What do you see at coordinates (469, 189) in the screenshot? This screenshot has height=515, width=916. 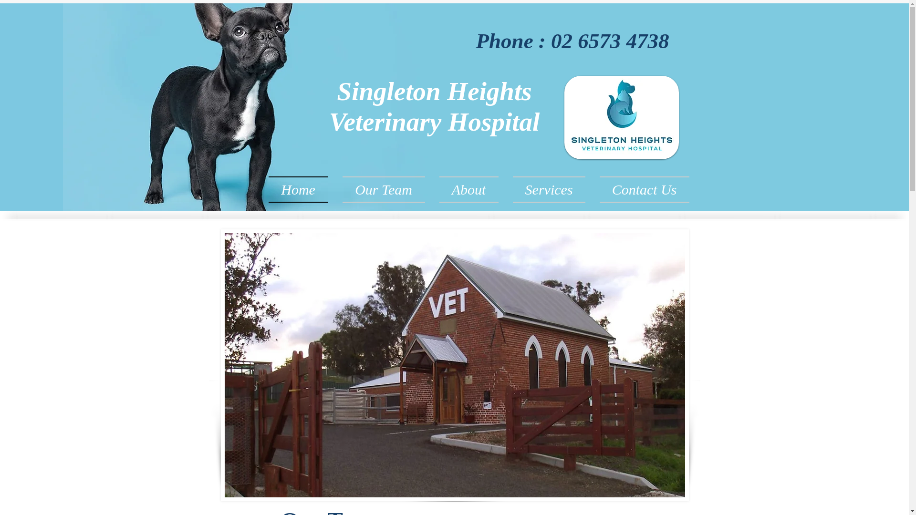 I see `'About'` at bounding box center [469, 189].